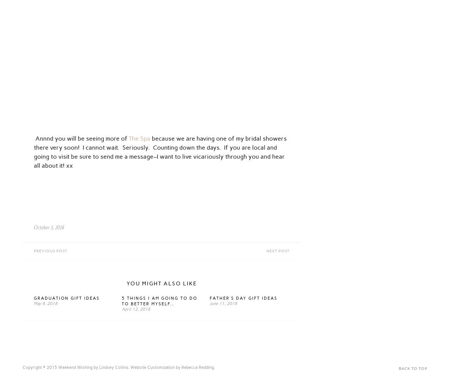 The width and height of the screenshot is (451, 379). What do you see at coordinates (223, 303) in the screenshot?
I see `'June 11, 2018'` at bounding box center [223, 303].